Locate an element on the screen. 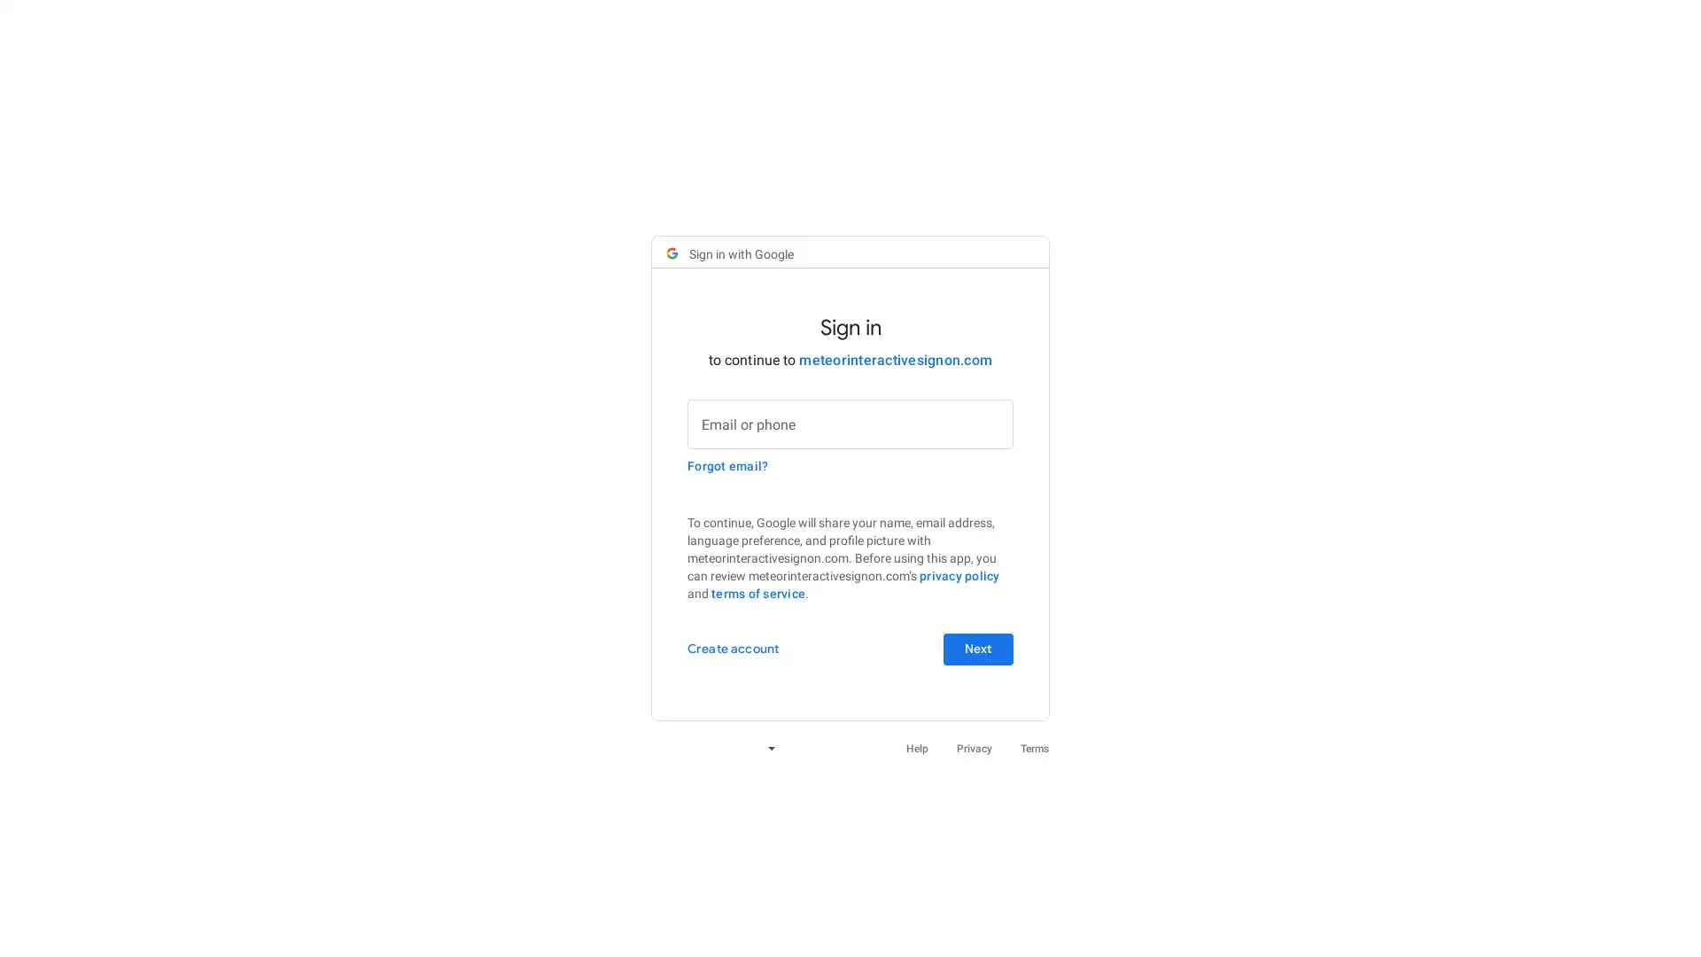  Forgot email? is located at coordinates (727, 464).